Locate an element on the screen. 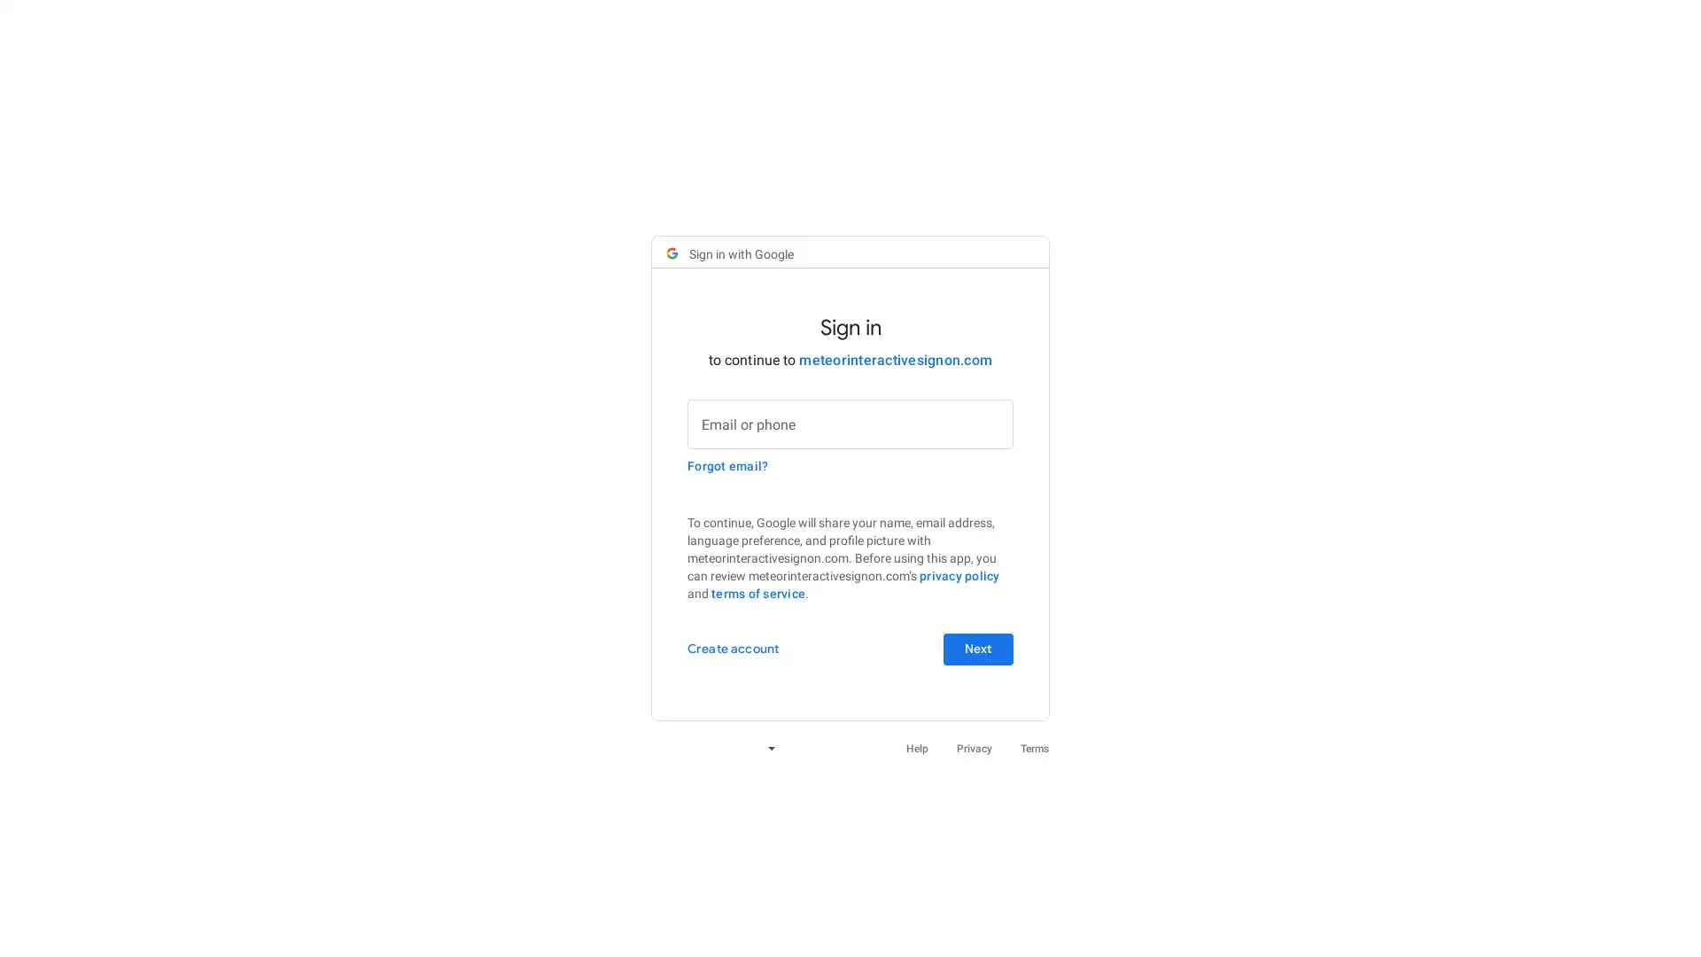  Forgot email? is located at coordinates (727, 464).